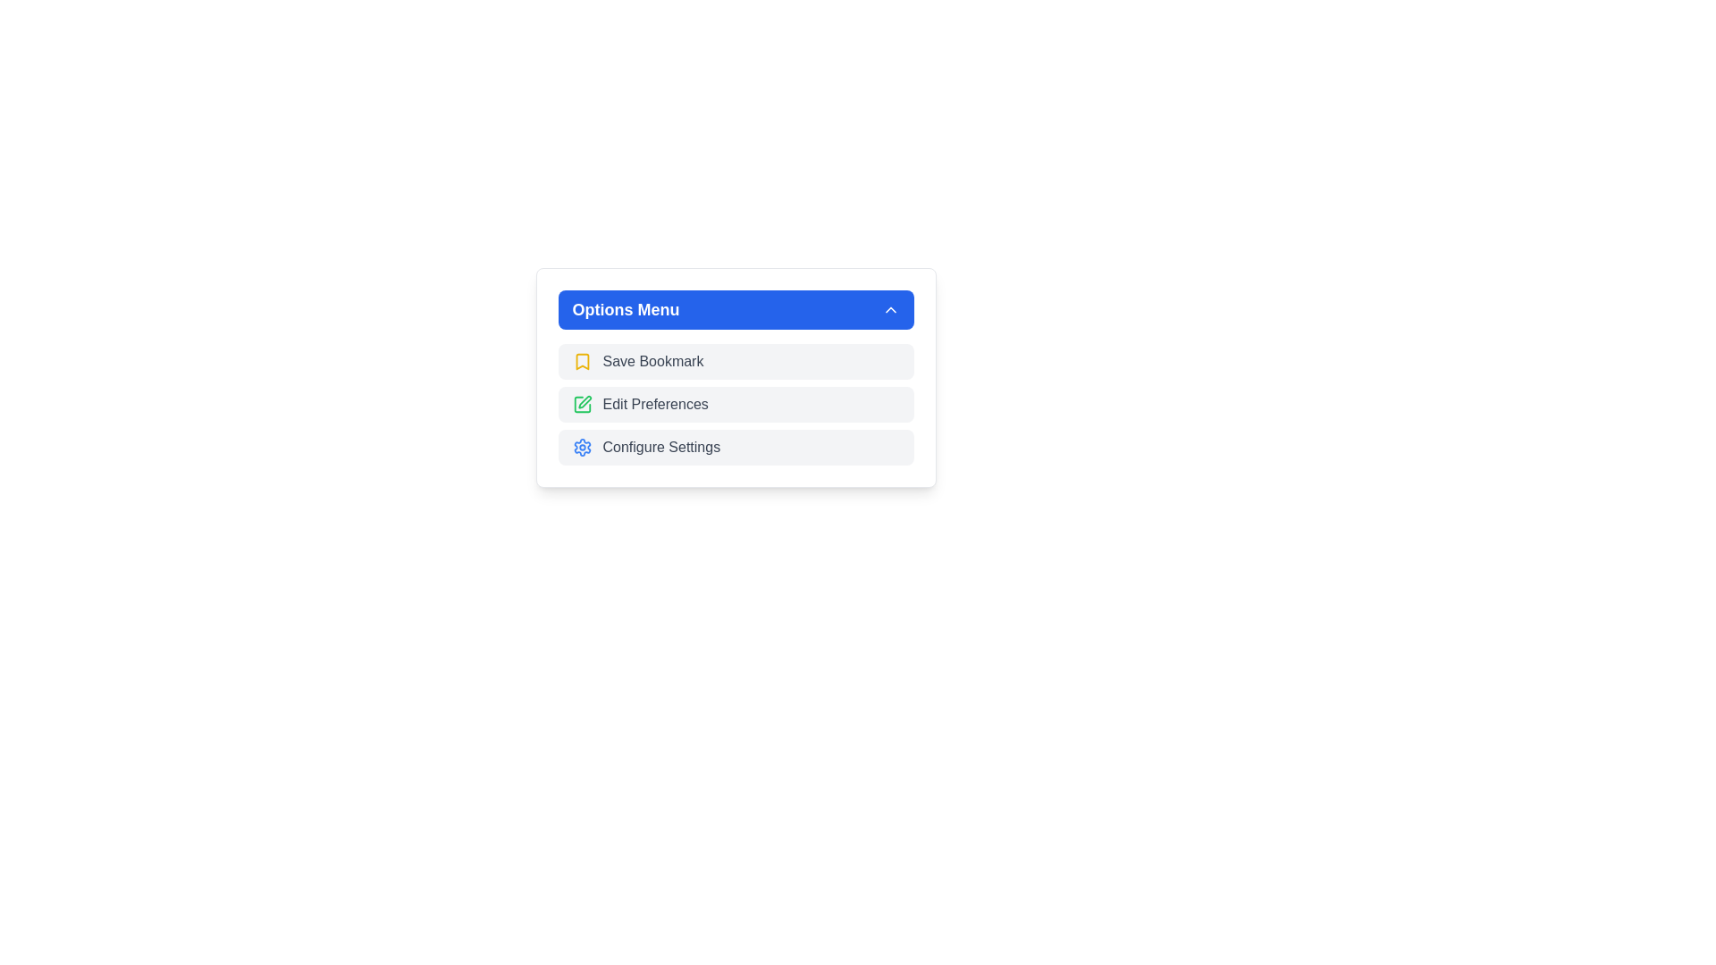 Image resolution: width=1716 pixels, height=965 pixels. I want to click on the yellow book-style icon resembling a bookmark located next to the 'Save Bookmark' entry in the Options Menu, so click(582, 362).